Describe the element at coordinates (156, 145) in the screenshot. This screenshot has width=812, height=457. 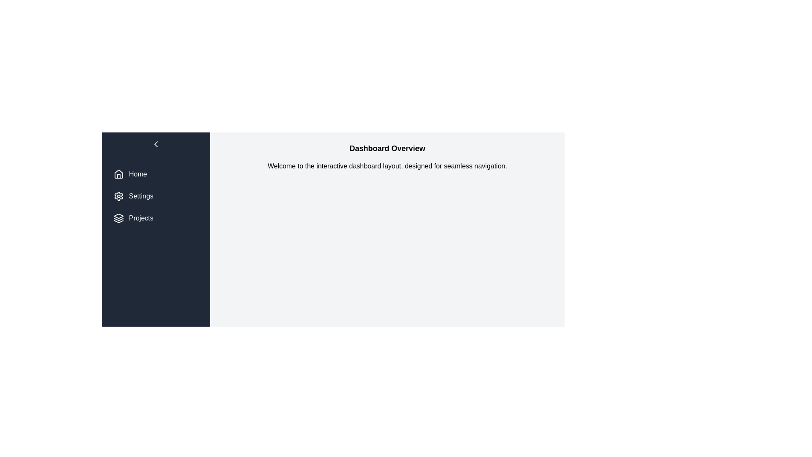
I see `the left arrow icon button located at the top of the sidebar` at that location.